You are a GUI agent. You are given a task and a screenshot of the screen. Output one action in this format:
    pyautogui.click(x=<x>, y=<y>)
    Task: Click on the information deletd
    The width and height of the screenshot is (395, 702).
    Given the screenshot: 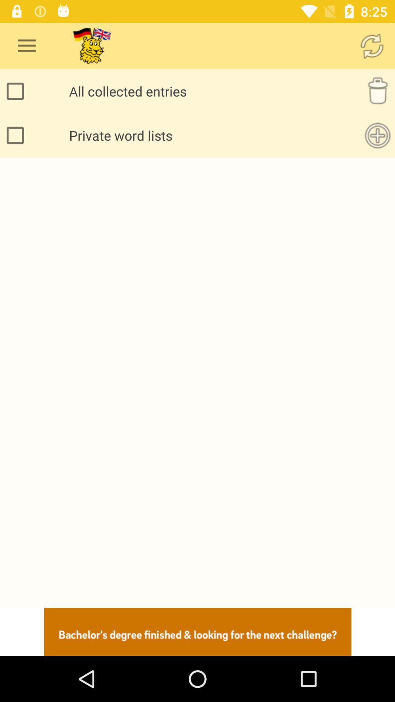 What is the action you would take?
    pyautogui.click(x=377, y=91)
    